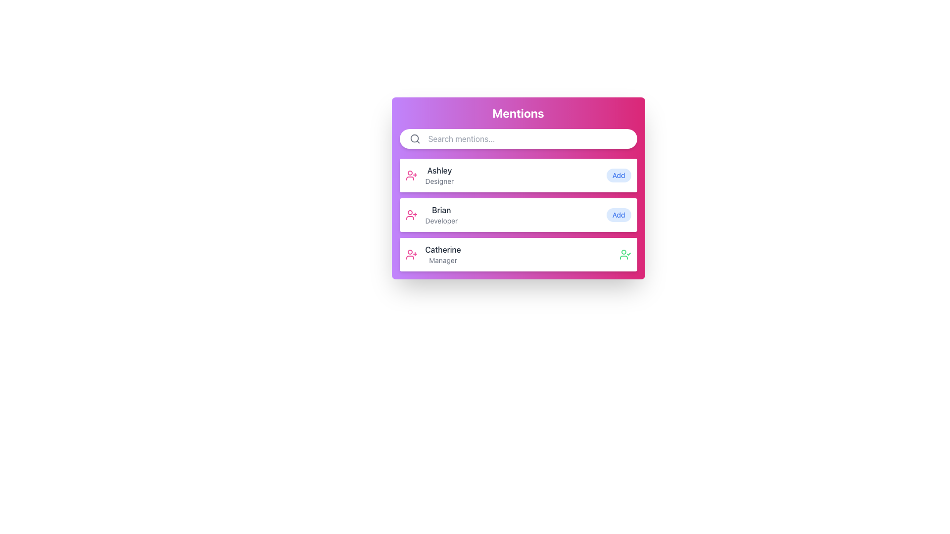  I want to click on the text label displaying the name 'Ashley', so click(439, 170).